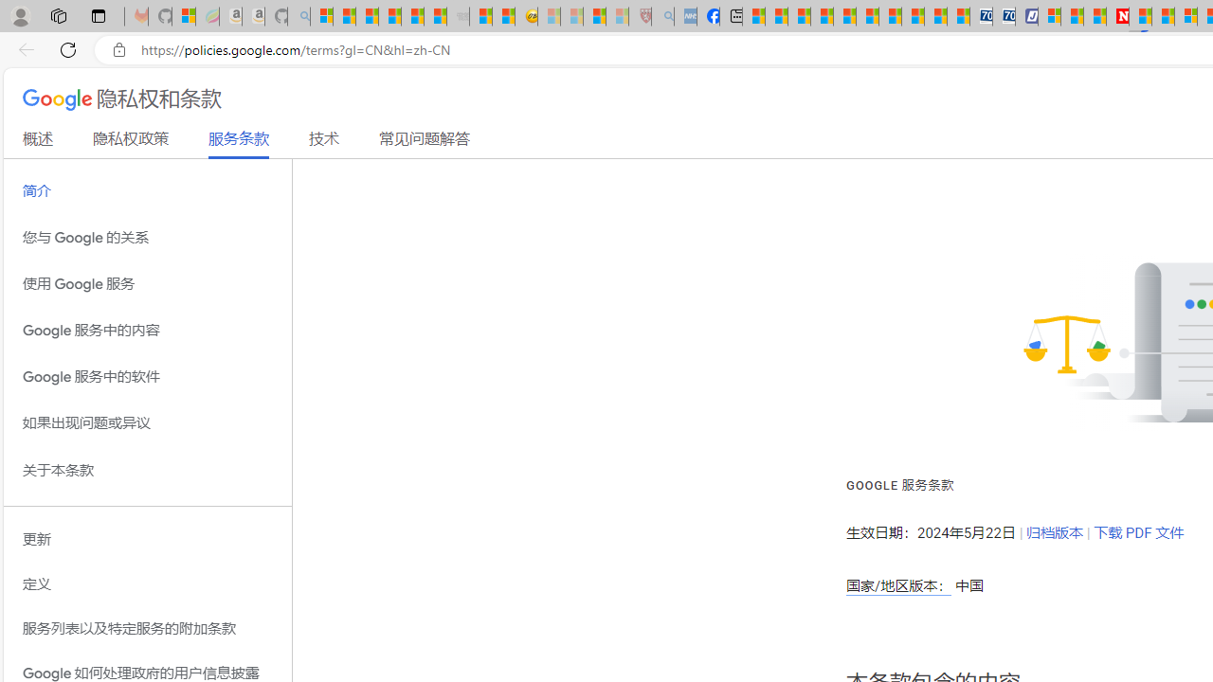 This screenshot has width=1213, height=682. What do you see at coordinates (458, 16) in the screenshot?
I see `'Combat Siege - Sleeping'` at bounding box center [458, 16].